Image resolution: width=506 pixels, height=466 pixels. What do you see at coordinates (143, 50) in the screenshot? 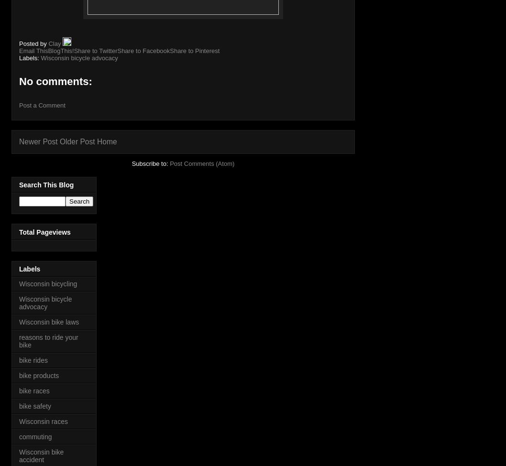
I see `'Share to Facebook'` at bounding box center [143, 50].